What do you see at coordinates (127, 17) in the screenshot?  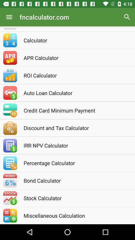 I see `the icon to the right of fncalculator.com item` at bounding box center [127, 17].